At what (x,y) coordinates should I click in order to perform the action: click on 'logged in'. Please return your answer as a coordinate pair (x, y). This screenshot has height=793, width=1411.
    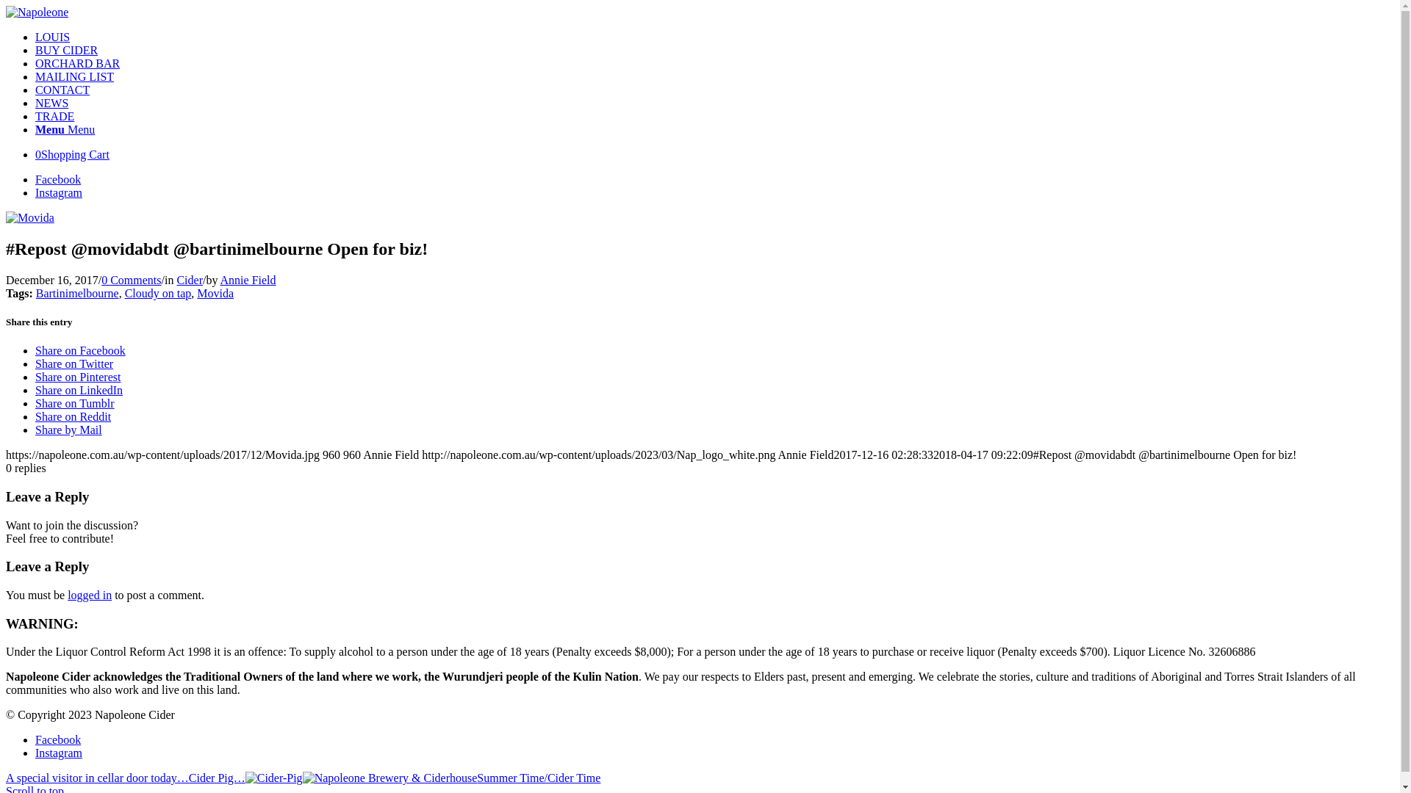
    Looking at the image, I should click on (88, 595).